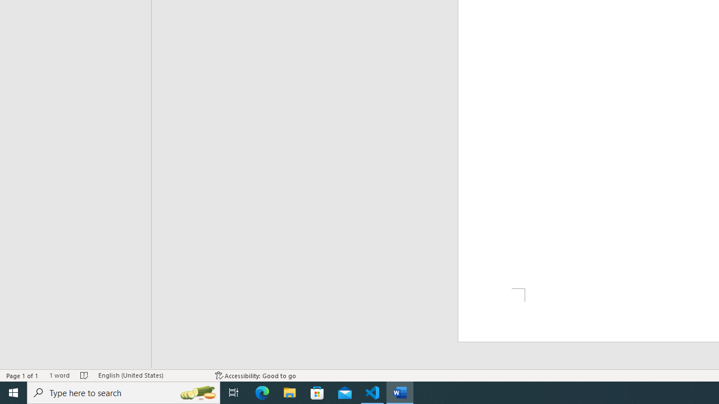 The width and height of the screenshot is (719, 404). I want to click on 'Accessibility Checker Accessibility: Good to go', so click(255, 375).